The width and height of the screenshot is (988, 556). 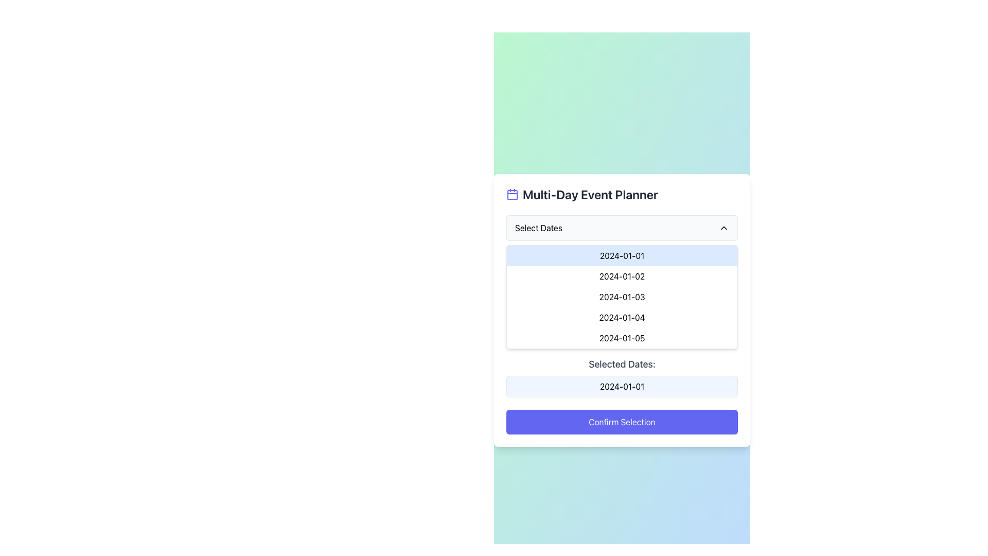 I want to click on the label that describes the selected date, which is located directly above the displayed date value '2024-01-01', so click(x=622, y=364).